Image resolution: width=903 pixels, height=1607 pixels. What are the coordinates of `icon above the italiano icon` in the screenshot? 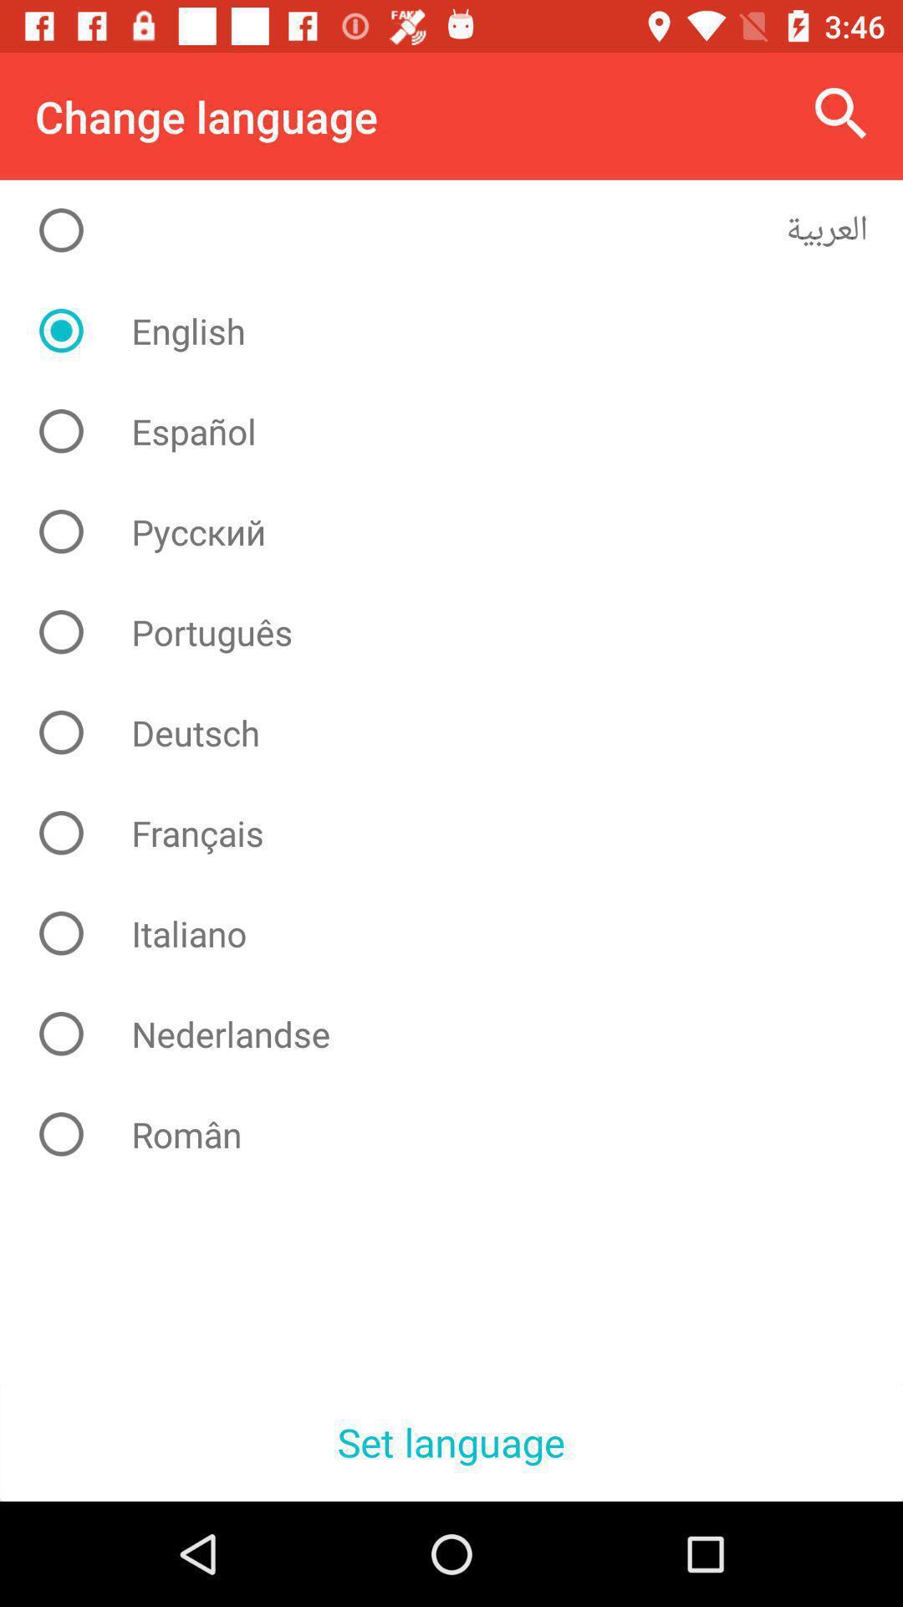 It's located at (464, 833).